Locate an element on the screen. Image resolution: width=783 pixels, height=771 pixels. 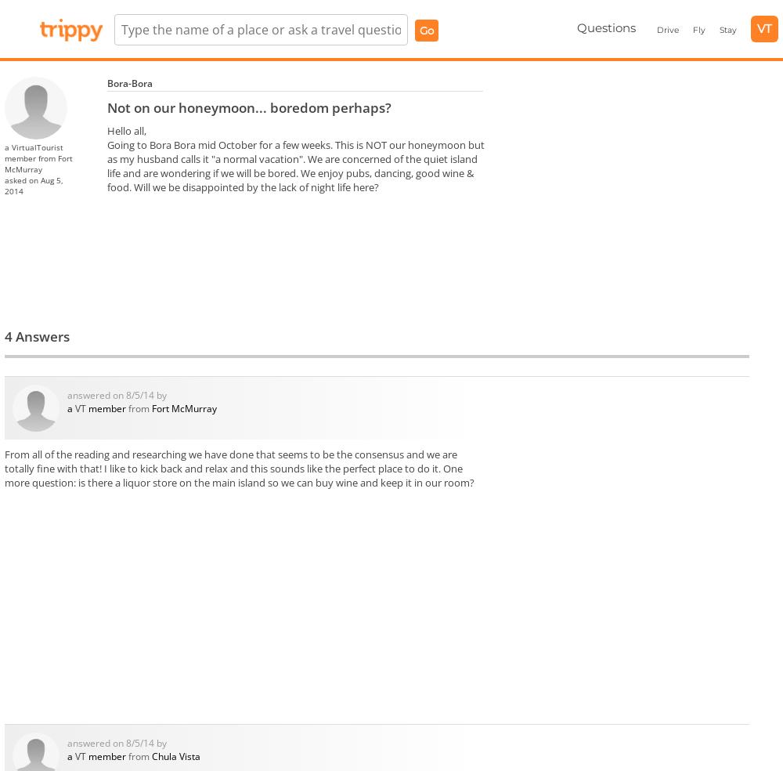
'Go' is located at coordinates (427, 29).